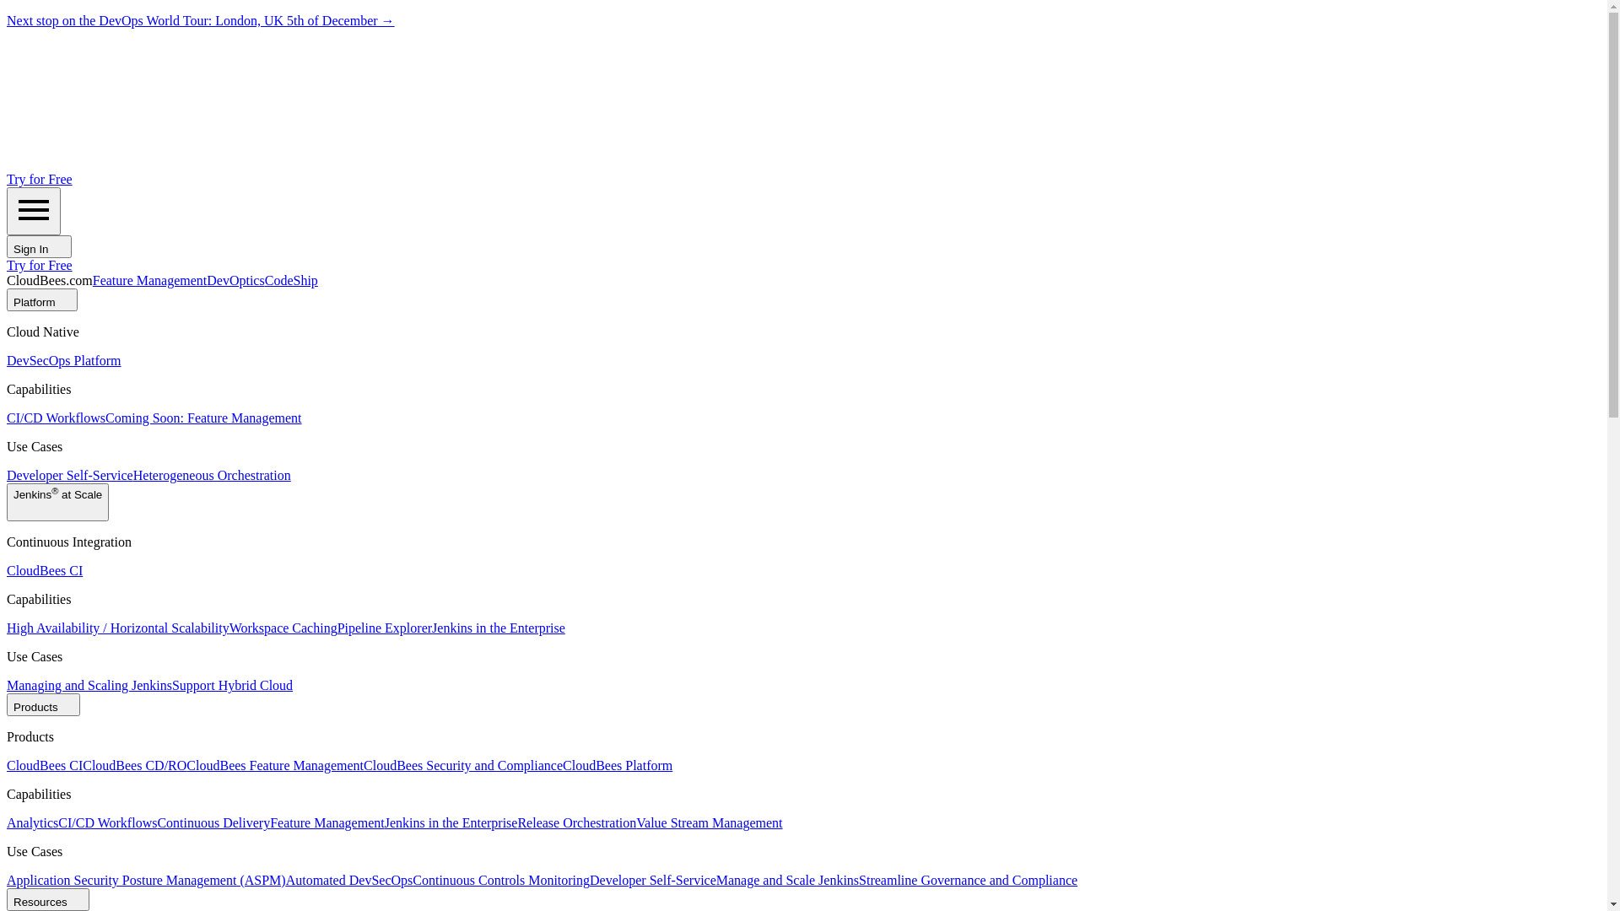  What do you see at coordinates (497, 628) in the screenshot?
I see `'Jenkins in the Enterprise'` at bounding box center [497, 628].